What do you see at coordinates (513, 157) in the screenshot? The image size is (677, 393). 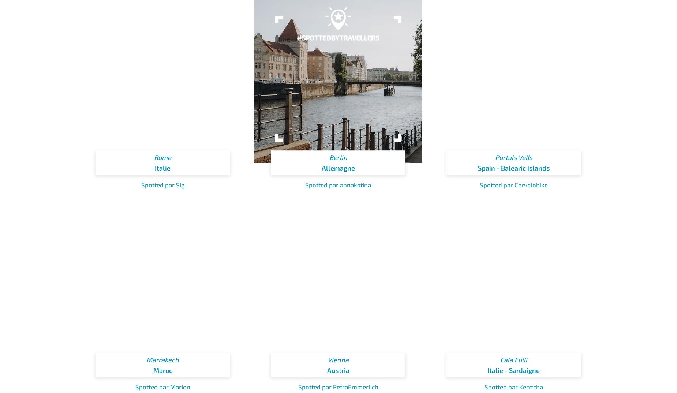 I see `'Portals Vells'` at bounding box center [513, 157].